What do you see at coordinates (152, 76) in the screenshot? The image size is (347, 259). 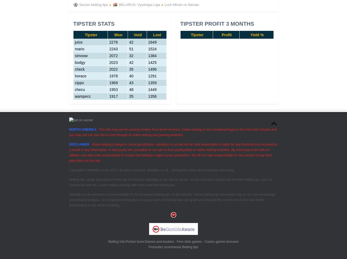 I see `'1291'` at bounding box center [152, 76].